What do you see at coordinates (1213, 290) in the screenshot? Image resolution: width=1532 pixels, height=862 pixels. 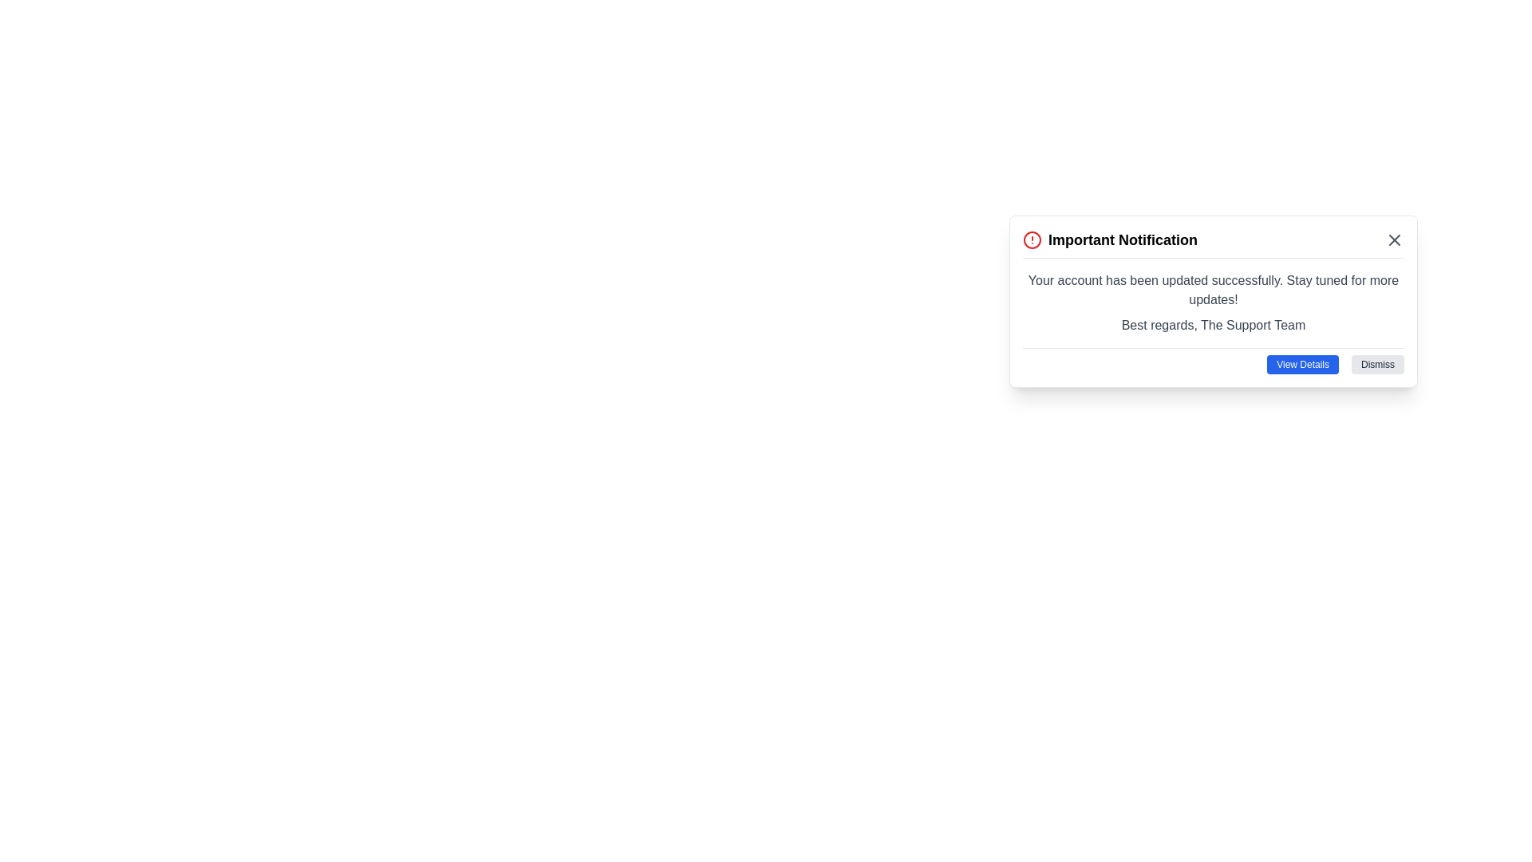 I see `message displayed in the text block that says 'Your account has been updated successfully. Stay tuned for more updates!' located within the notification modal box` at bounding box center [1213, 290].